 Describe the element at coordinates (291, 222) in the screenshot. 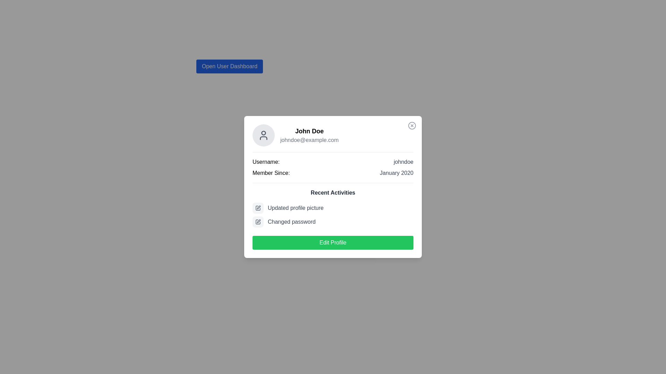

I see `the static text label indicating that the user has changed their password, which is located beneath the 'Updated profile picture' activity and aligned to the right of an adjacent icon` at that location.